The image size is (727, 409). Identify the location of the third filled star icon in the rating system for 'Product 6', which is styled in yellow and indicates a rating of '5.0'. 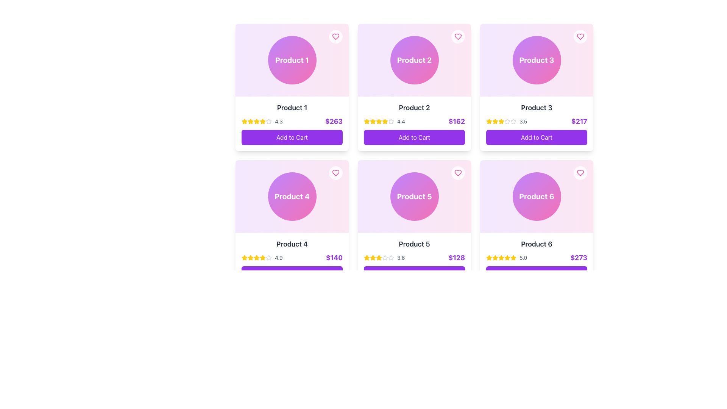
(495, 258).